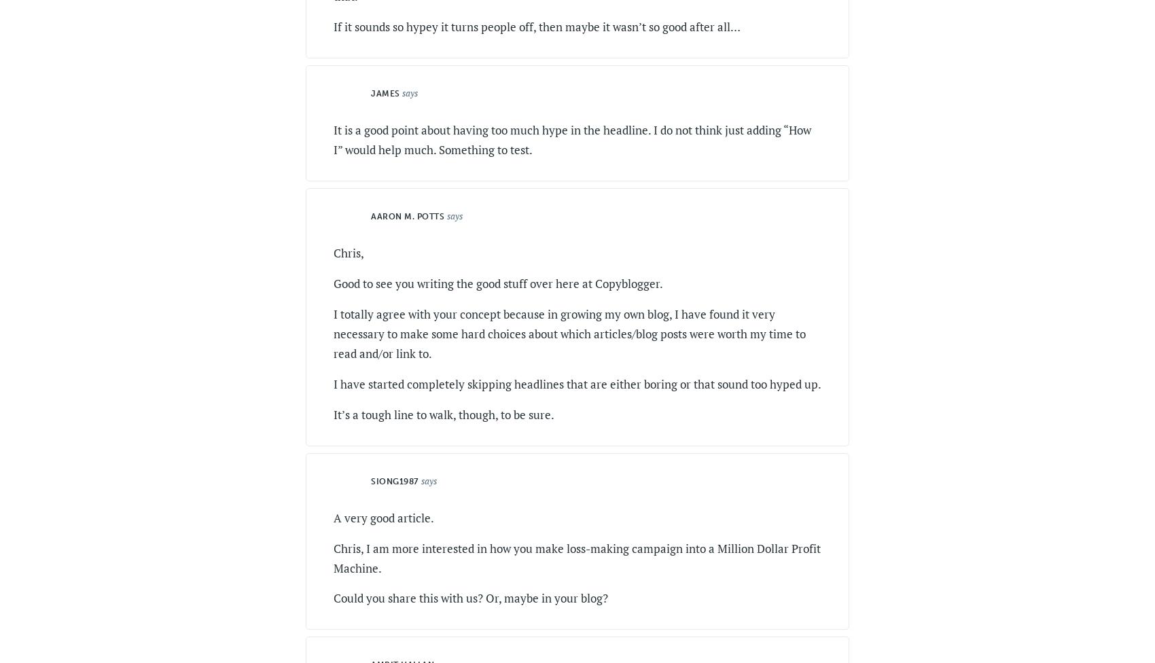 The width and height of the screenshot is (1155, 663). What do you see at coordinates (383, 517) in the screenshot?
I see `'A very good article.'` at bounding box center [383, 517].